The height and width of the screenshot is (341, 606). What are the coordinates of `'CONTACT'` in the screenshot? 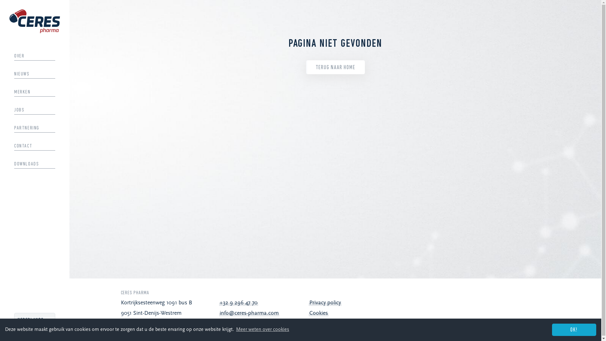 It's located at (34, 146).